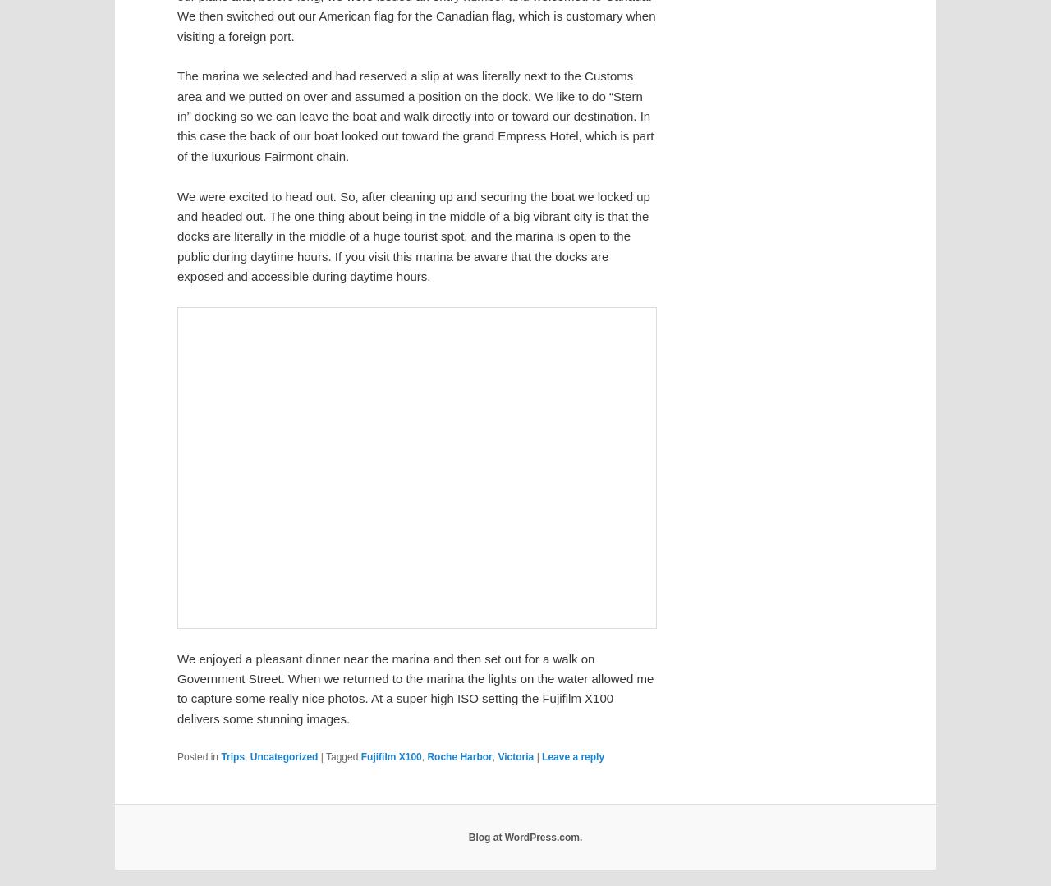 This screenshot has width=1051, height=886. I want to click on 'Fujifilm X100', so click(390, 756).